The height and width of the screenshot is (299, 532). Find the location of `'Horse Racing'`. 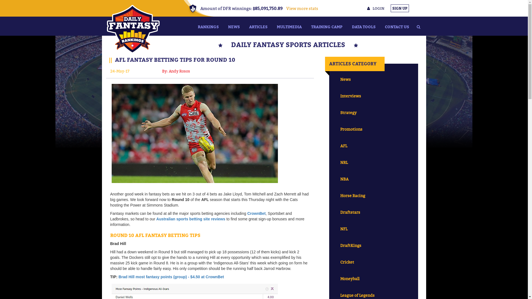

'Horse Racing' is located at coordinates (374, 195).